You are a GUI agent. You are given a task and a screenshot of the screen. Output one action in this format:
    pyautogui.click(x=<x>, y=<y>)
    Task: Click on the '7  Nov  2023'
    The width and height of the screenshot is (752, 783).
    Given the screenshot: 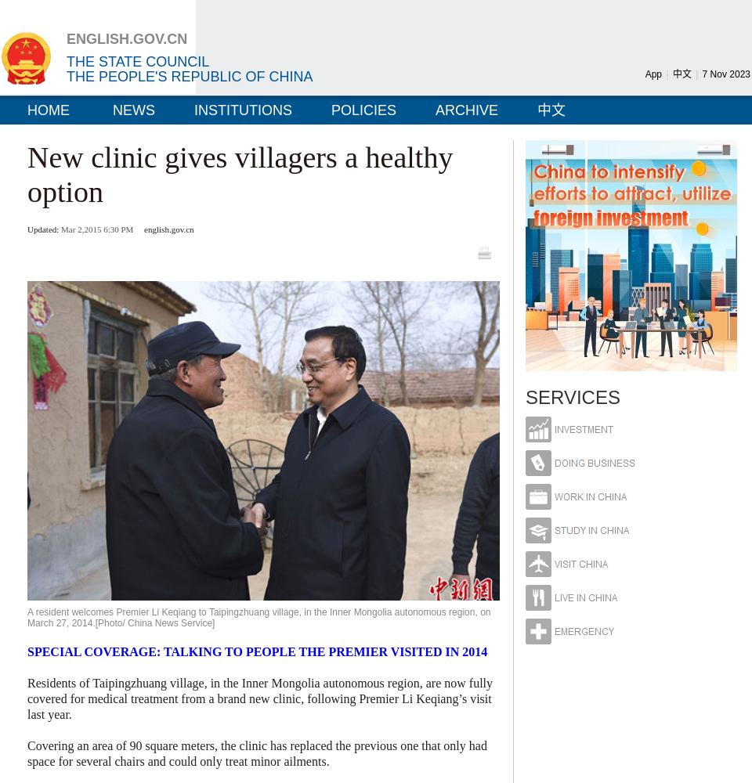 What is the action you would take?
    pyautogui.click(x=725, y=74)
    